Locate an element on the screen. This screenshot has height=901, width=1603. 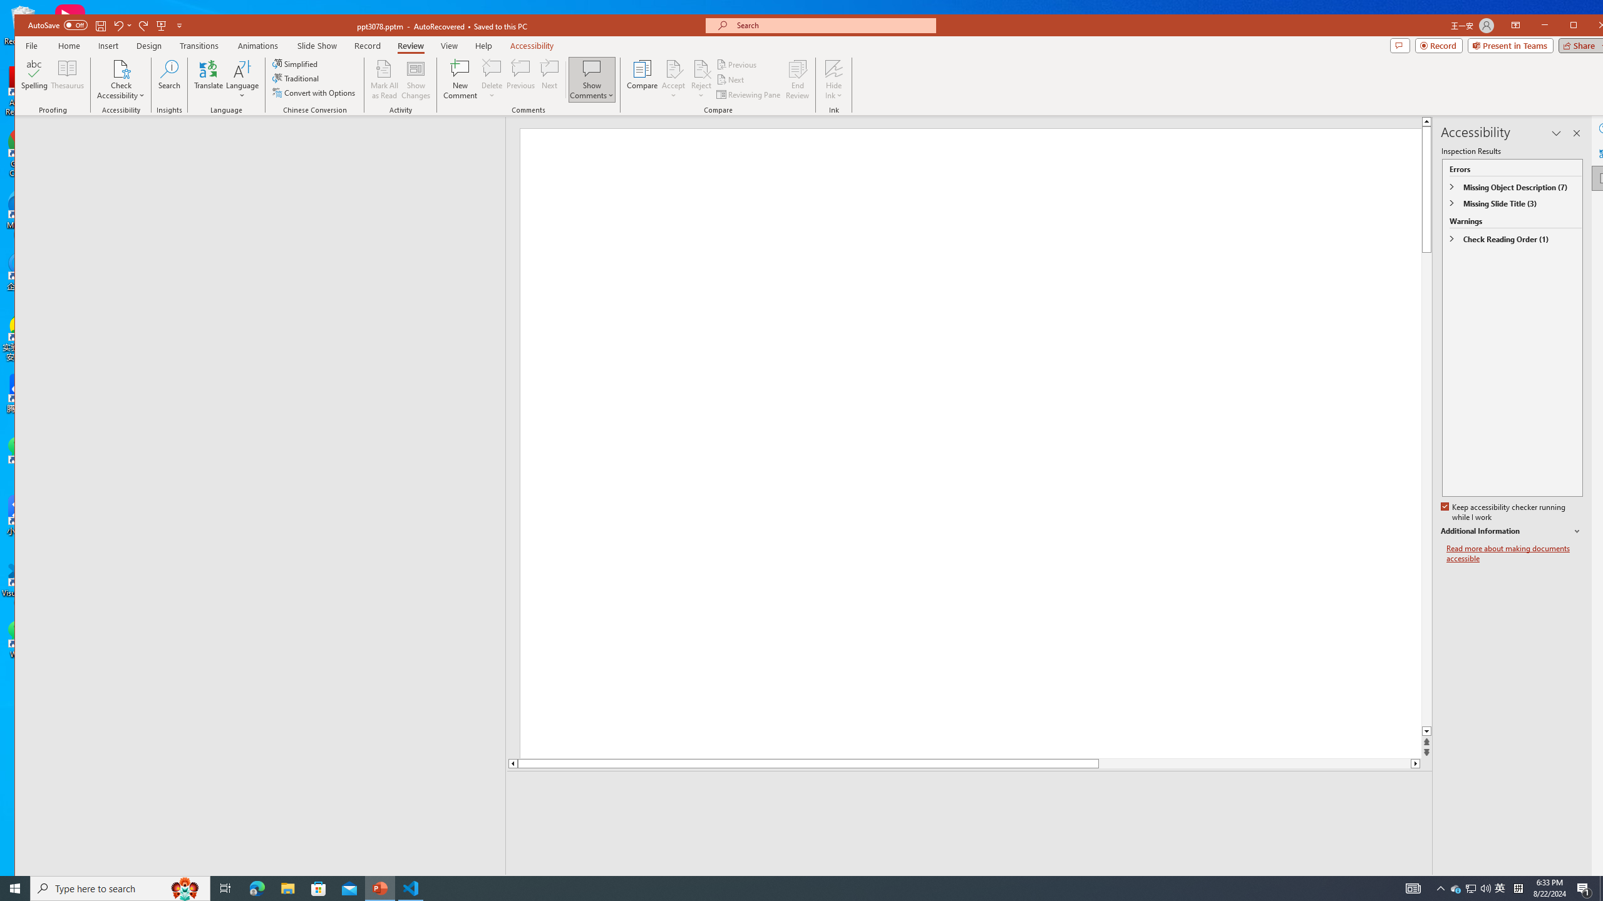
'Hide Ink' is located at coordinates (834, 79).